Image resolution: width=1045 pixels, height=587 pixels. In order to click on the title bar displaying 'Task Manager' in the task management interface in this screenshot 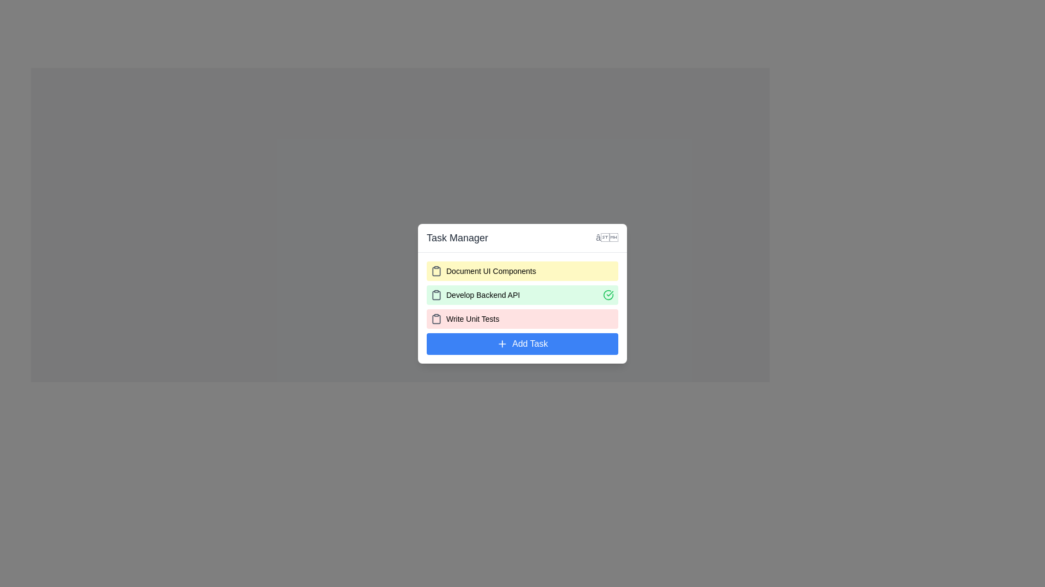, I will do `click(522, 238)`.